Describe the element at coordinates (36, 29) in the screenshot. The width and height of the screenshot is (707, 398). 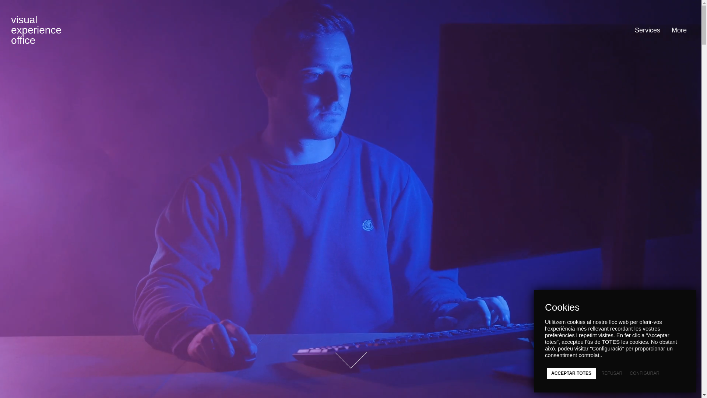
I see `'visual` at that location.